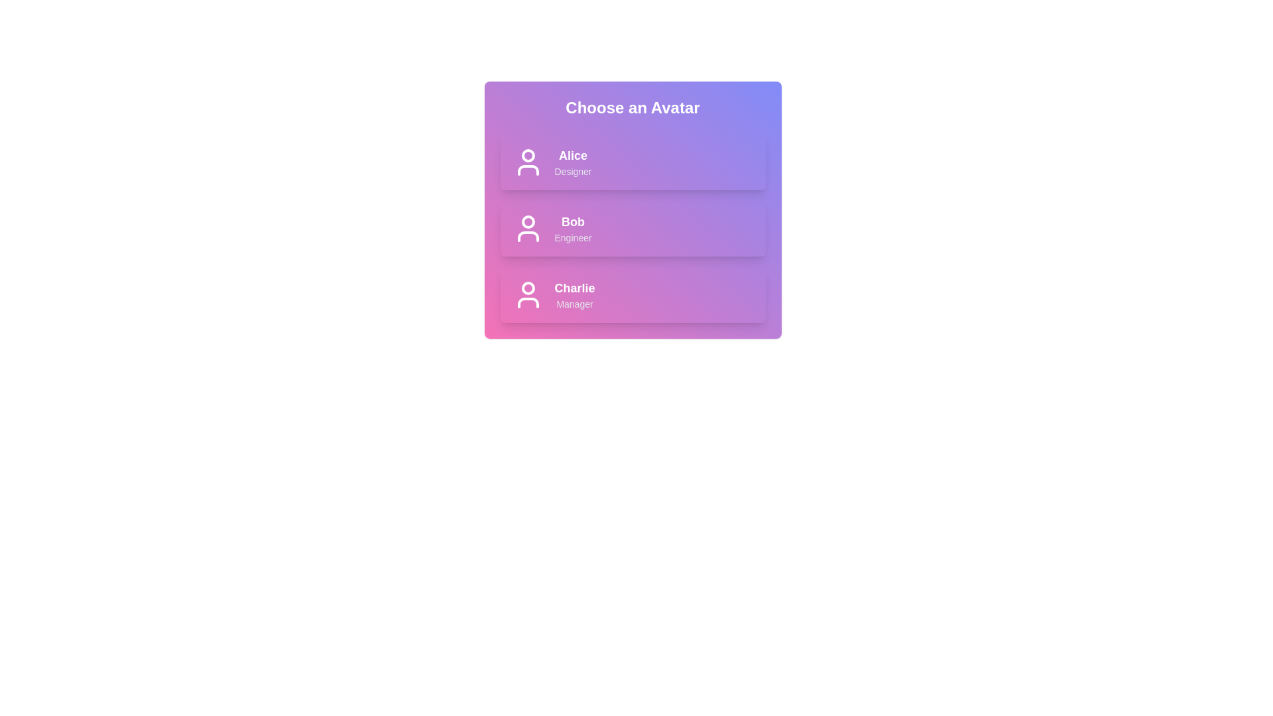  I want to click on the text label that identifies the individual associated with the avatar selection card in the third card of a vertically stacked list, so click(575, 288).